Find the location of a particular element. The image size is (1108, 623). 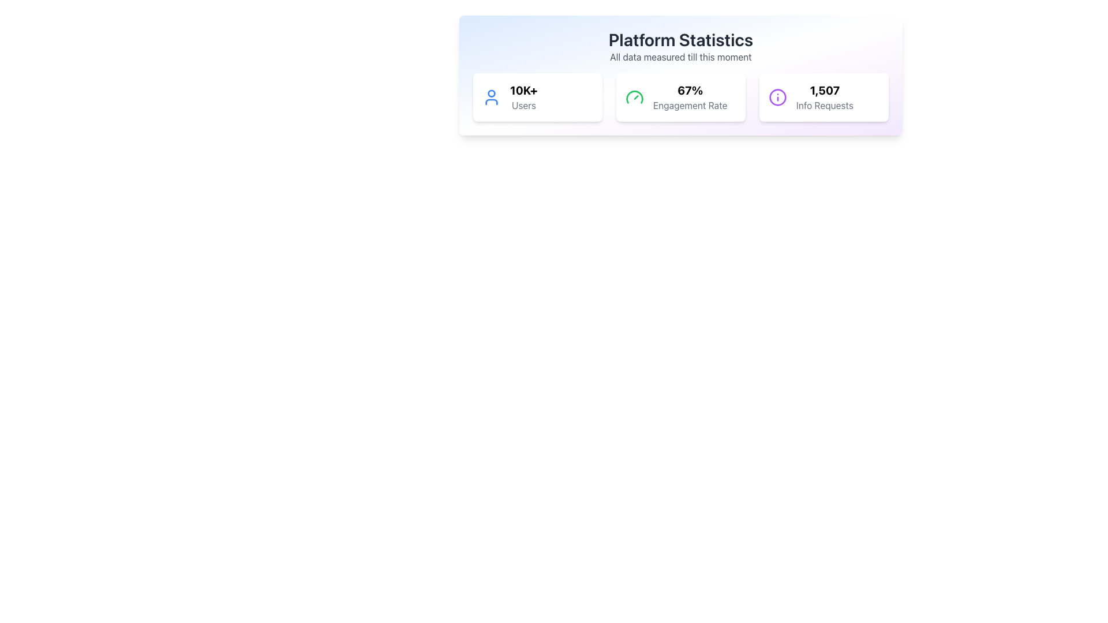

the text label displaying the numeric value '67%' that is styled with a bold font within a white card on the statistics dashboard is located at coordinates (690, 90).